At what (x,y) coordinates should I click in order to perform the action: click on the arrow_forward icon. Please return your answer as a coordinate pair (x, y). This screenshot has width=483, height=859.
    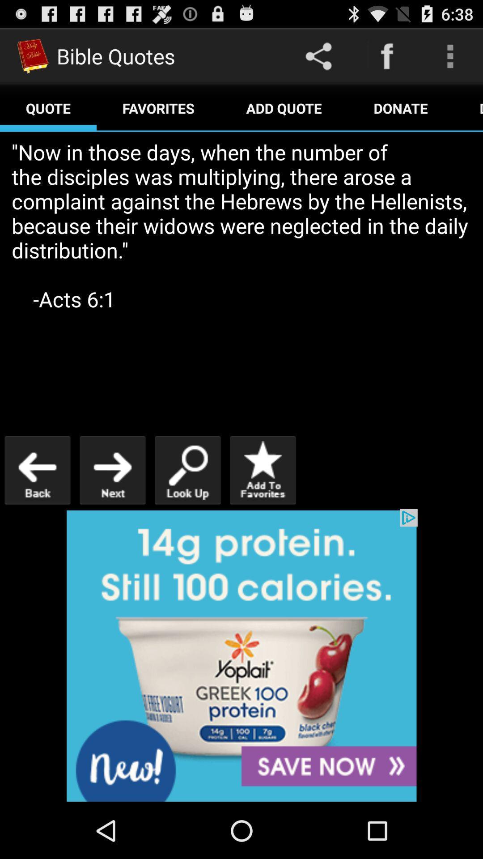
    Looking at the image, I should click on (112, 503).